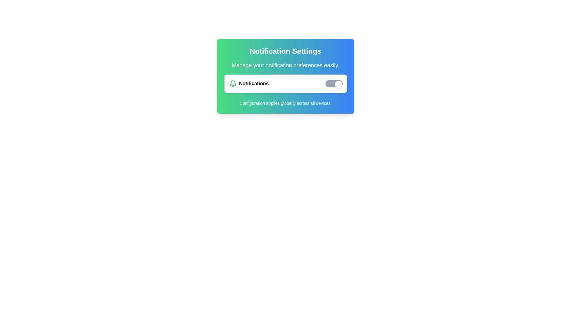 The width and height of the screenshot is (588, 330). Describe the element at coordinates (334, 83) in the screenshot. I see `the background of the toggle switch, which indicates the inactive state of the associated setting within the notification settings card, located to the right of the 'Notifications' label and icon` at that location.